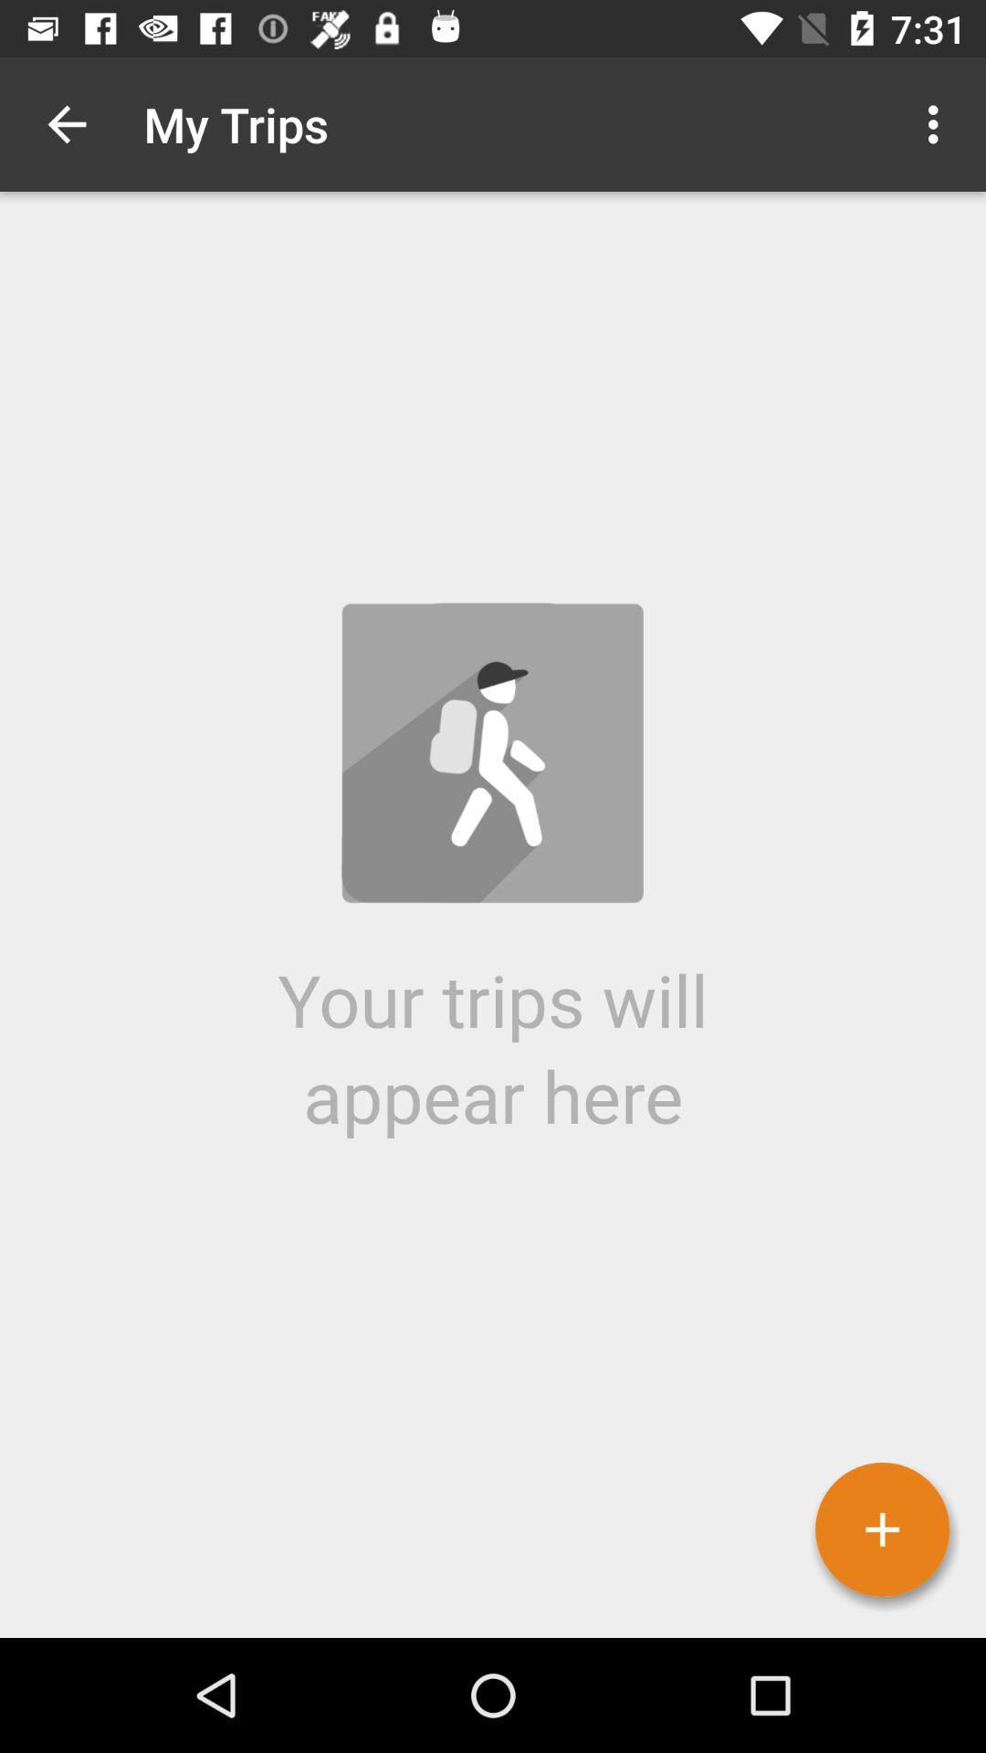 The image size is (986, 1753). What do you see at coordinates (881, 1529) in the screenshot?
I see `the item below appear here icon` at bounding box center [881, 1529].